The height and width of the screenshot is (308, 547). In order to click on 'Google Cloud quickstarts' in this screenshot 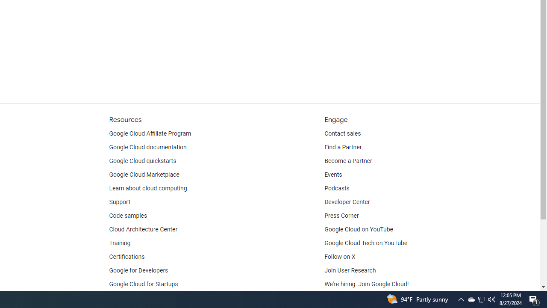, I will do `click(143, 161)`.